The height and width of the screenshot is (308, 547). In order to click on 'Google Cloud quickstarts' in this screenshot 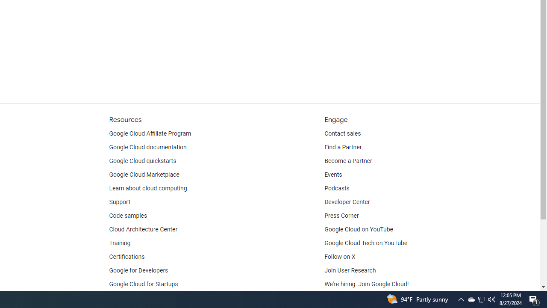, I will do `click(143, 161)`.